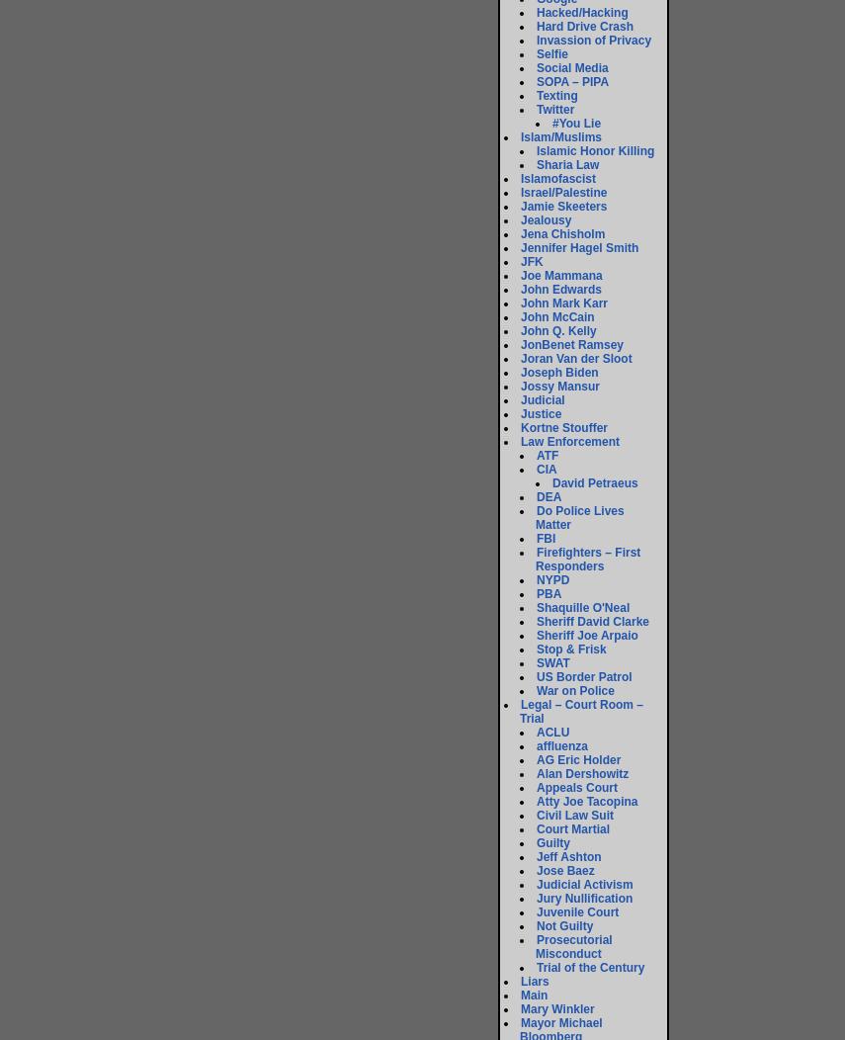  I want to click on 'Social Media', so click(571, 67).